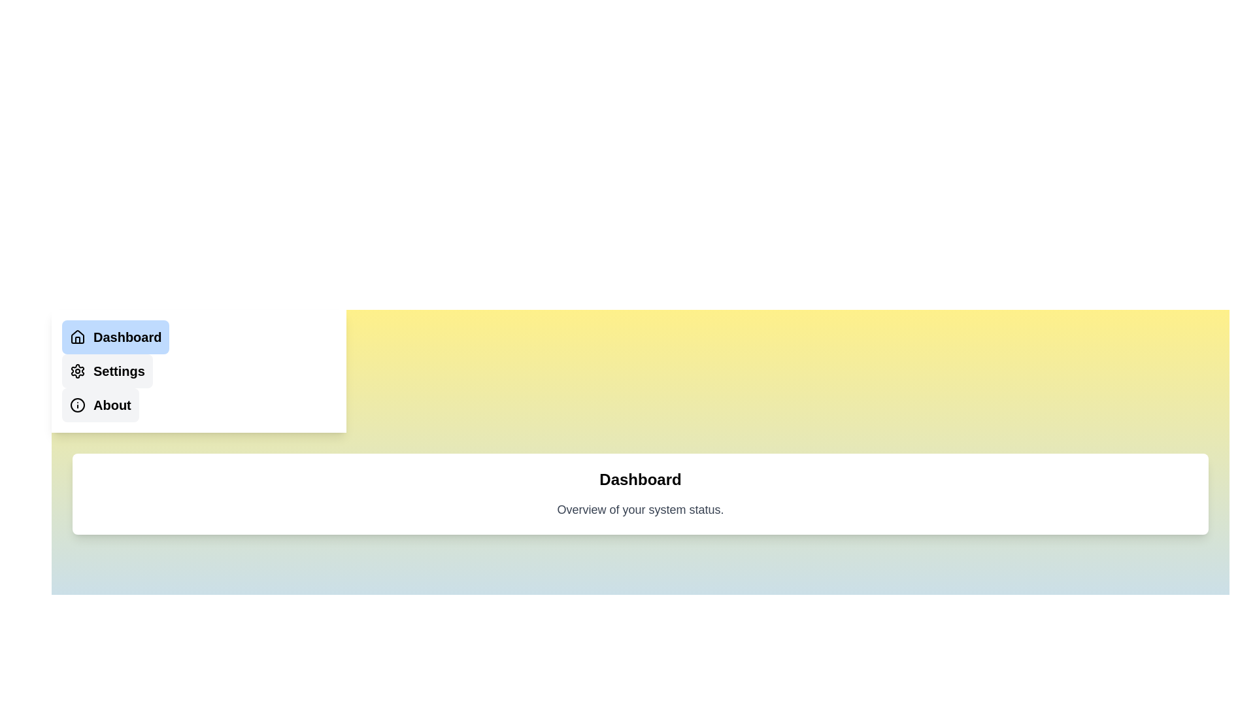 The width and height of the screenshot is (1255, 706). Describe the element at coordinates (116, 337) in the screenshot. I see `the menu item corresponding to Dashboard` at that location.